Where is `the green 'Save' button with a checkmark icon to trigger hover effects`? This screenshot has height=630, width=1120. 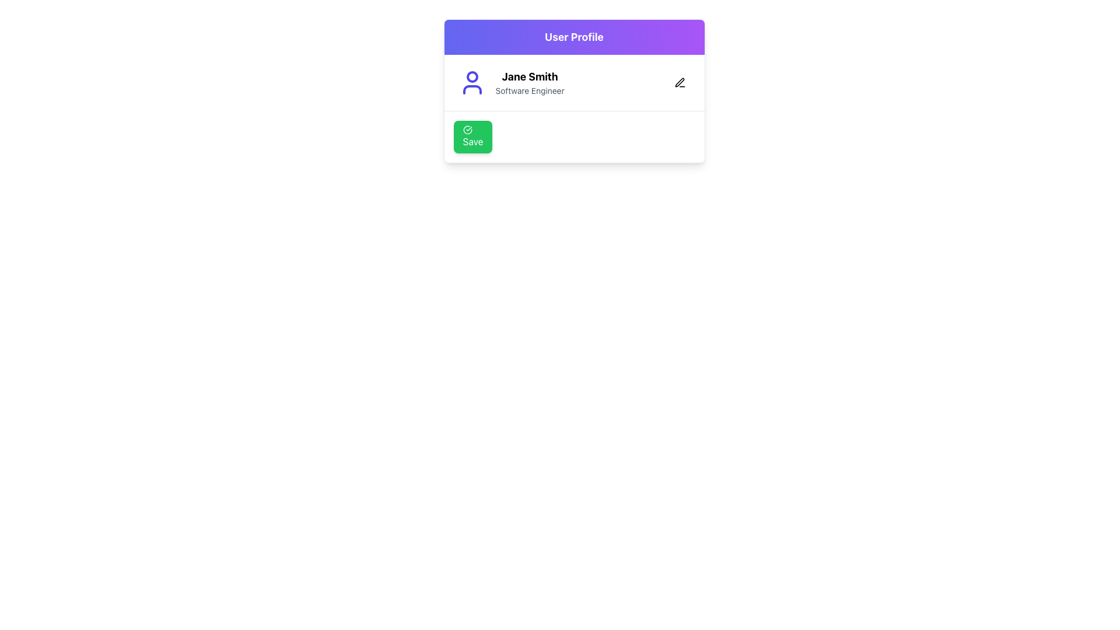 the green 'Save' button with a checkmark icon to trigger hover effects is located at coordinates (473, 136).